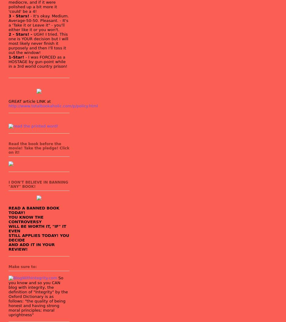 This screenshot has height=322, width=286. What do you see at coordinates (38, 43) in the screenshot?
I see `'UGH! I tried. This one is YOUR decision but I will most likely never finish it purposely and then I'll toss it out the window!'` at bounding box center [38, 43].